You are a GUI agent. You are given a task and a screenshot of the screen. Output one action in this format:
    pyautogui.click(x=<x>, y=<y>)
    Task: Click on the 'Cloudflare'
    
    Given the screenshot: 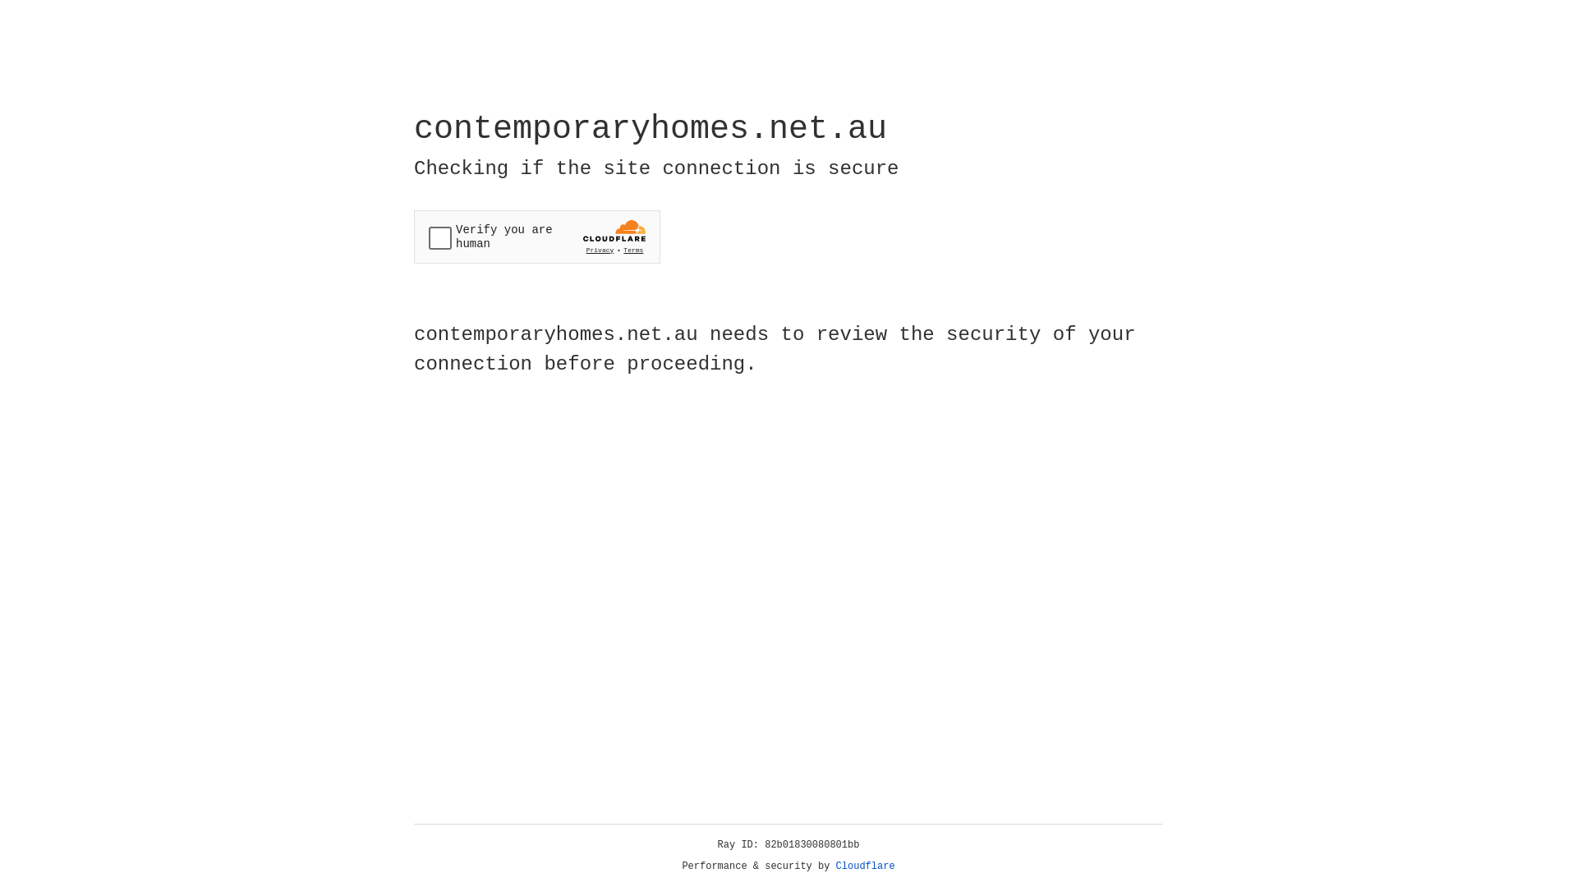 What is the action you would take?
    pyautogui.click(x=865, y=866)
    